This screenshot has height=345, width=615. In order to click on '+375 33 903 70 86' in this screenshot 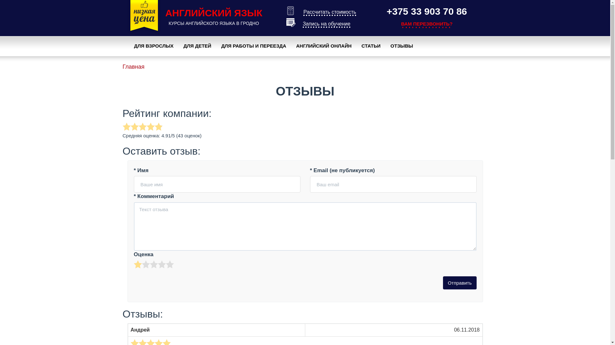, I will do `click(427, 11)`.